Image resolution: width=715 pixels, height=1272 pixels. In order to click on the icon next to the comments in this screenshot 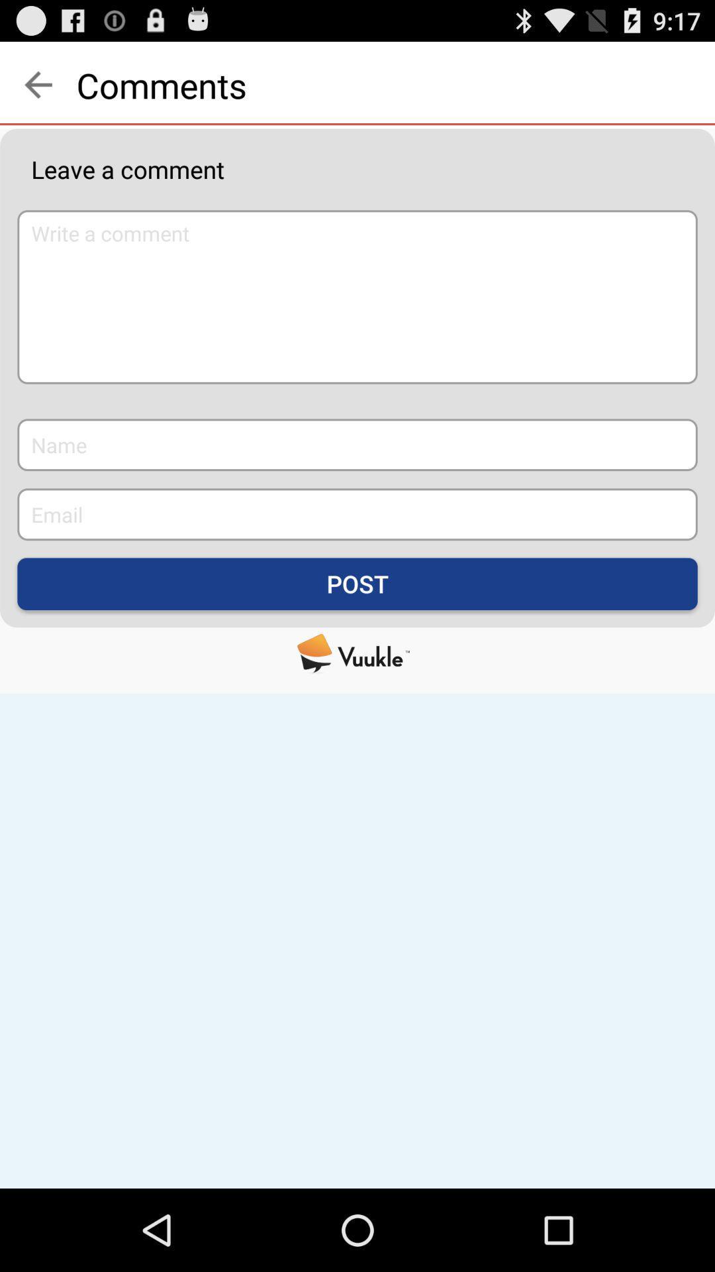, I will do `click(37, 84)`.